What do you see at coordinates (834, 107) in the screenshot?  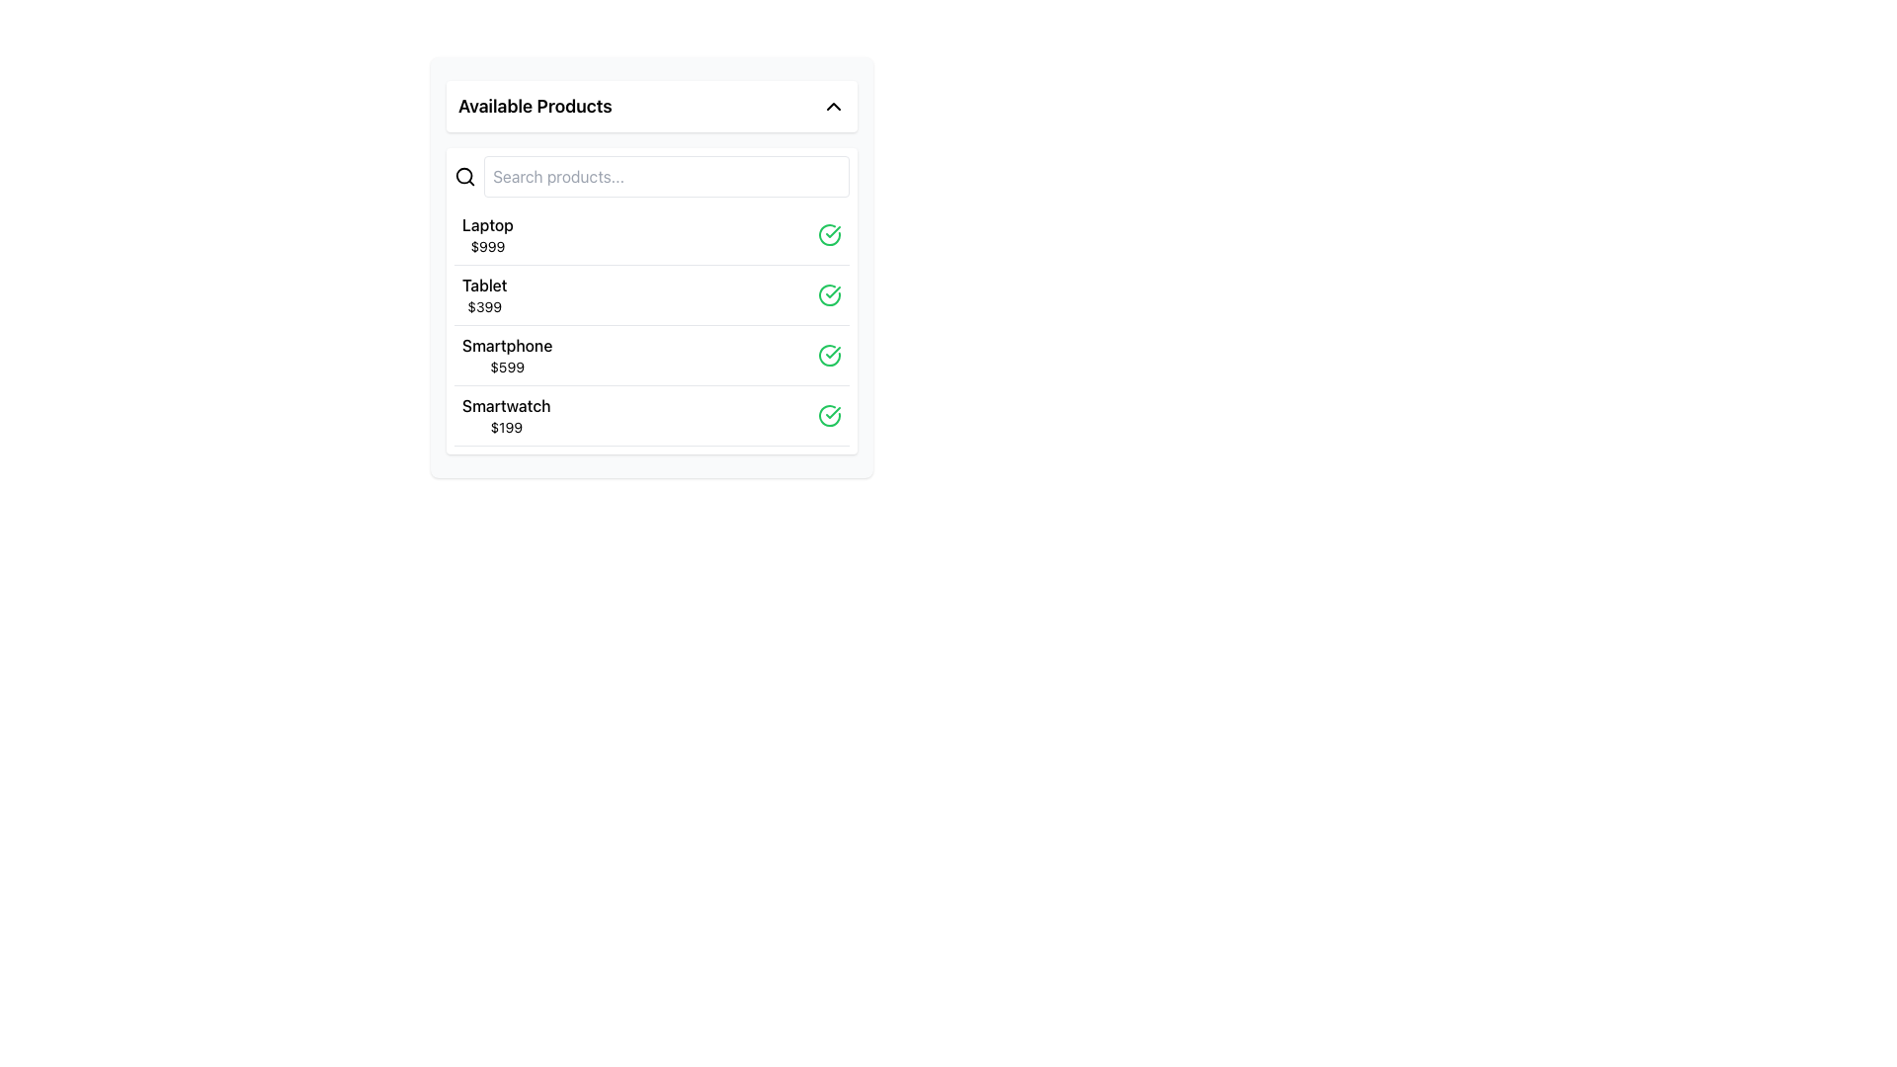 I see `the chevron icon located at the top-right corner of the 'Available Products' section` at bounding box center [834, 107].